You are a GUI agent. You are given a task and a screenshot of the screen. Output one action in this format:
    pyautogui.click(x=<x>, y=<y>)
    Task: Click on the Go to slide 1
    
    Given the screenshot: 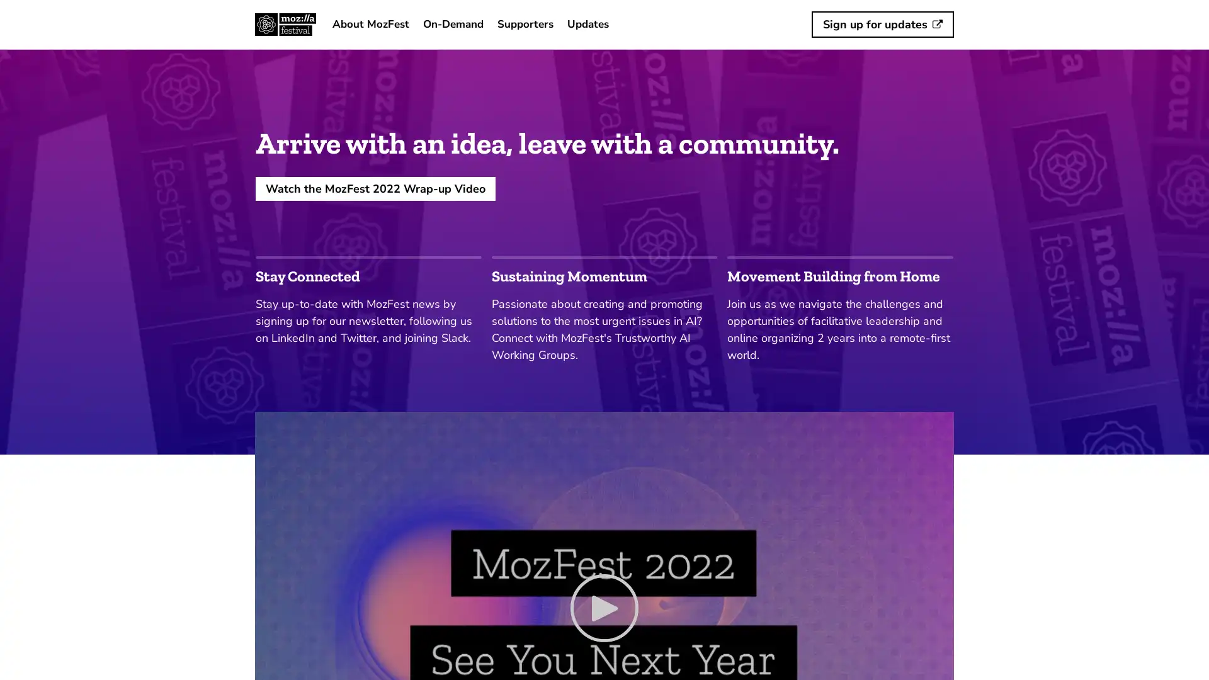 What is the action you would take?
    pyautogui.click(x=368, y=256)
    